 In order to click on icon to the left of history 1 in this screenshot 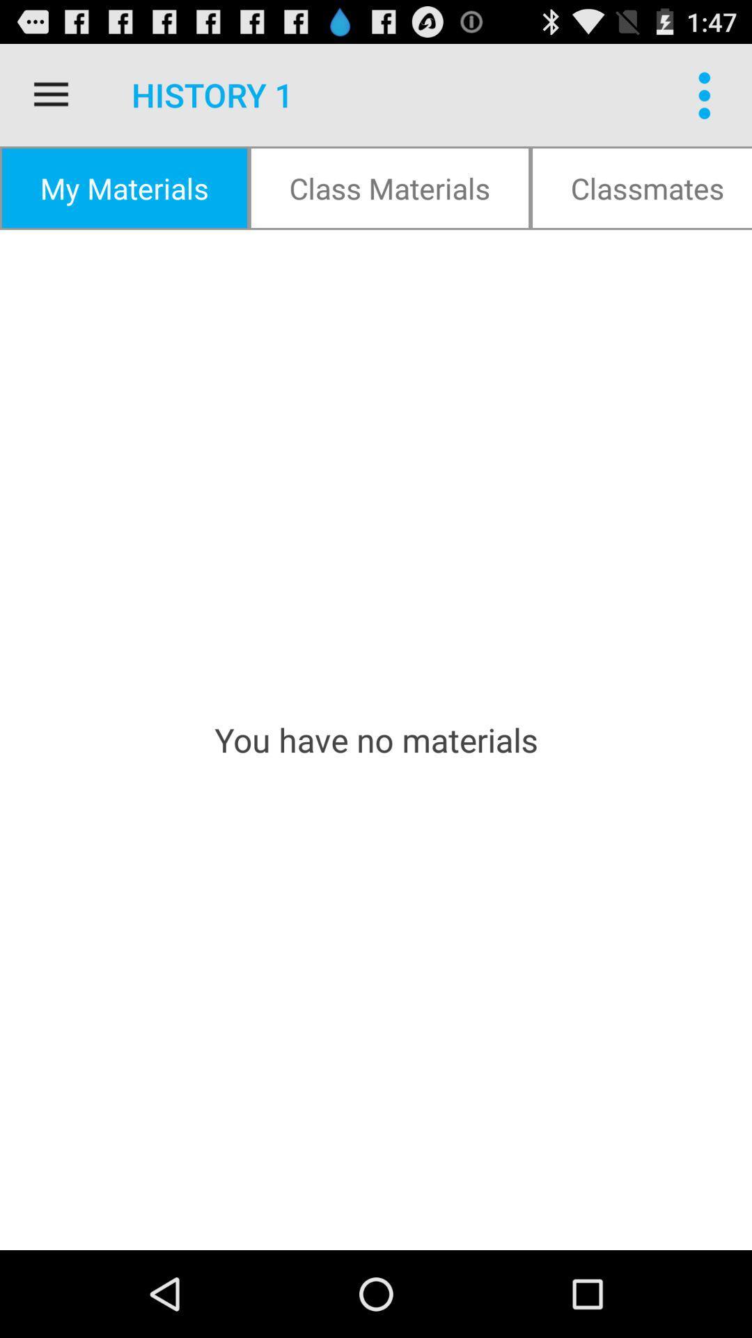, I will do `click(50, 94)`.